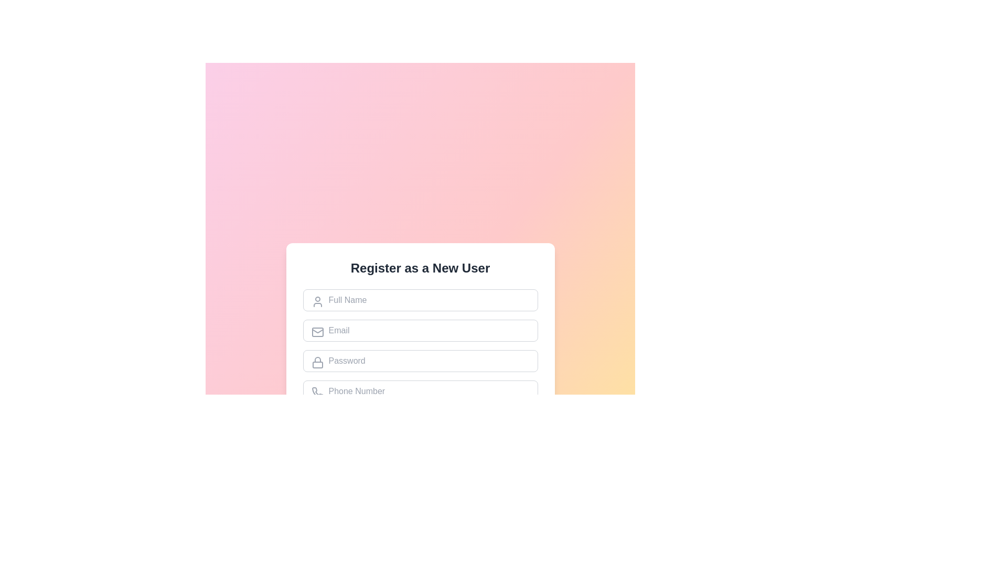 This screenshot has width=1007, height=566. What do you see at coordinates (317, 362) in the screenshot?
I see `the password icon located inside the input field labeled 'Password' in the user registration form, positioned on the left side at the upper part` at bounding box center [317, 362].